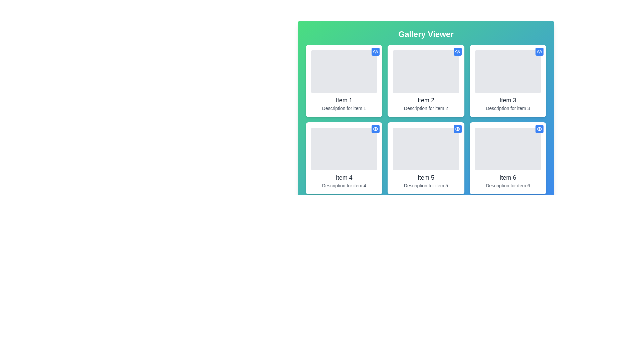 This screenshot has width=641, height=360. What do you see at coordinates (507, 81) in the screenshot?
I see `the third card component in the gallery viewer that displays 'Item 3' and its description` at bounding box center [507, 81].